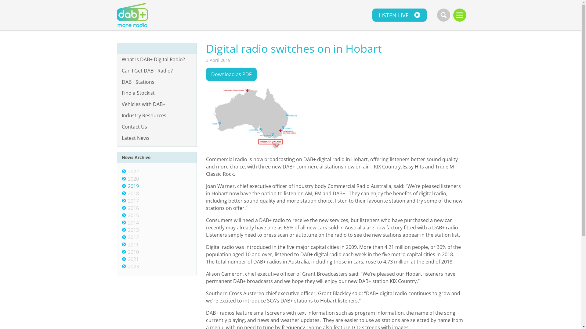  Describe the element at coordinates (133, 259) in the screenshot. I see `'2021'` at that location.